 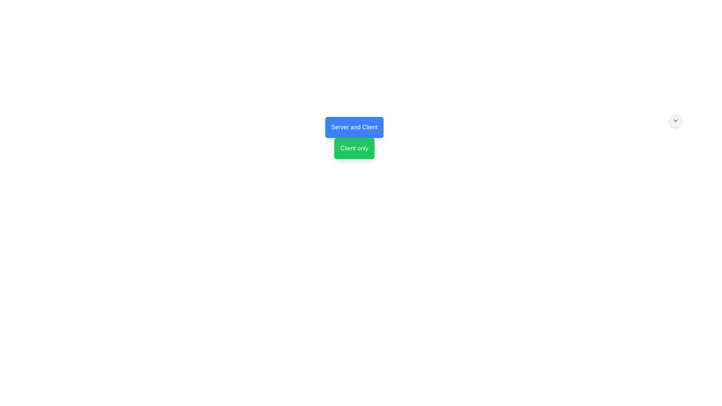 What do you see at coordinates (675, 120) in the screenshot?
I see `the small, circular, gray button with a downward-pointing chevron icon` at bounding box center [675, 120].